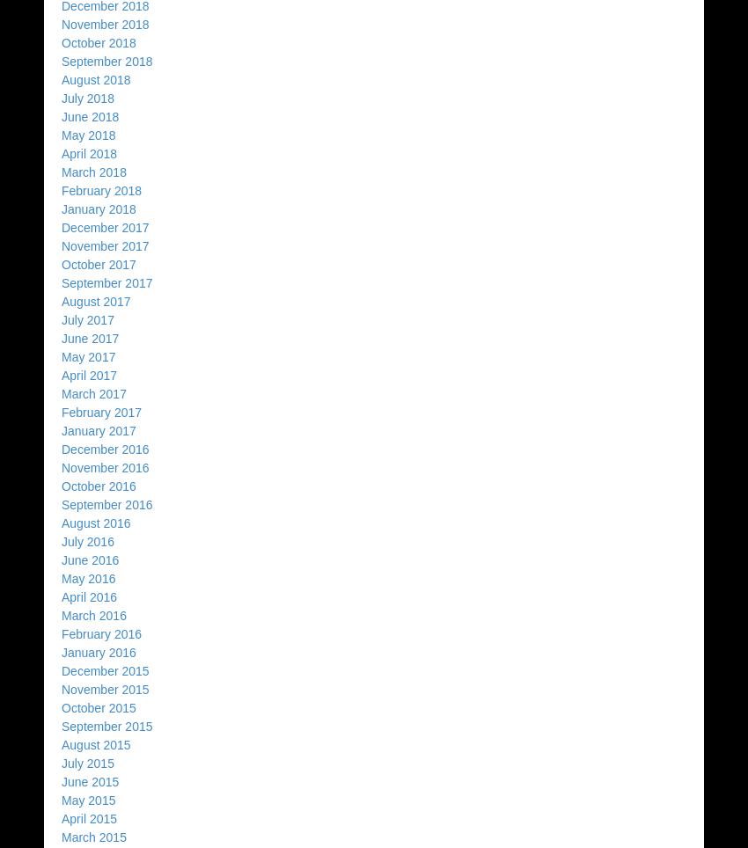 The height and width of the screenshot is (848, 748). Describe the element at coordinates (62, 724) in the screenshot. I see `'September 2015'` at that location.